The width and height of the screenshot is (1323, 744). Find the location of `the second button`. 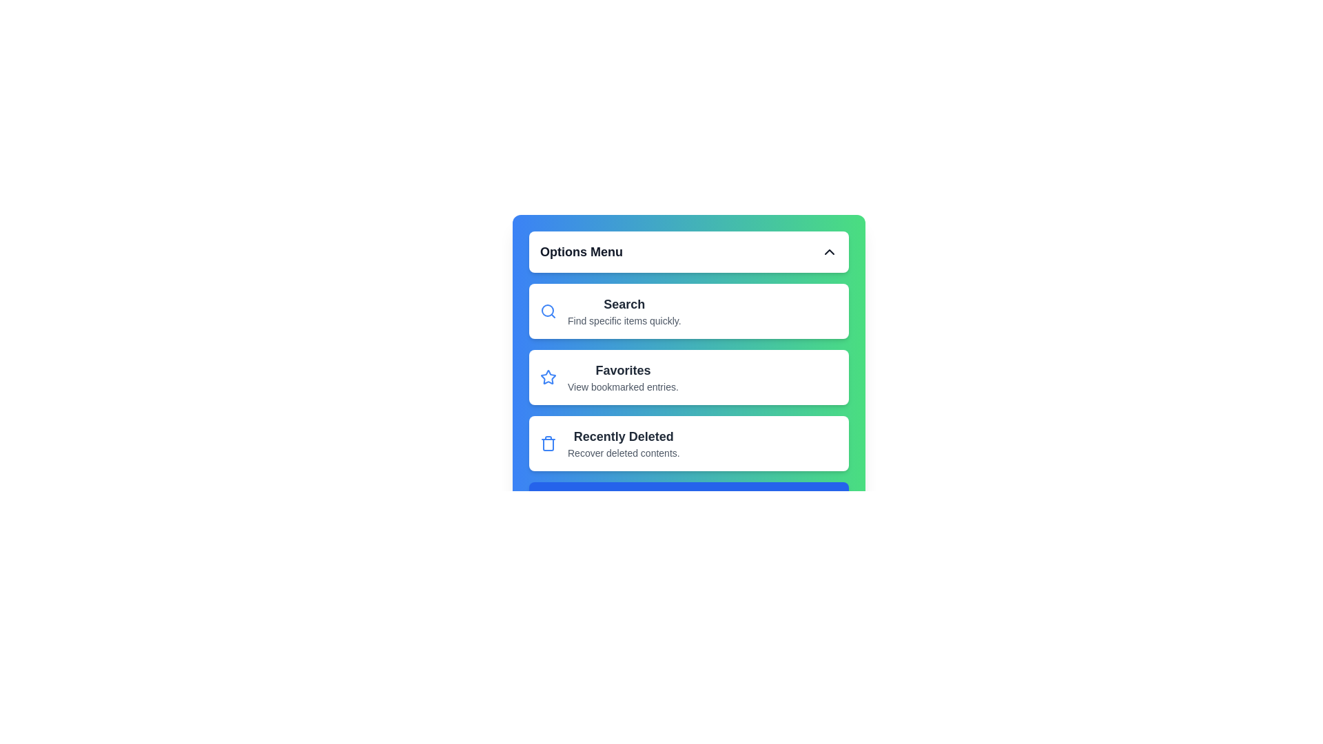

the second button is located at coordinates (688, 377).